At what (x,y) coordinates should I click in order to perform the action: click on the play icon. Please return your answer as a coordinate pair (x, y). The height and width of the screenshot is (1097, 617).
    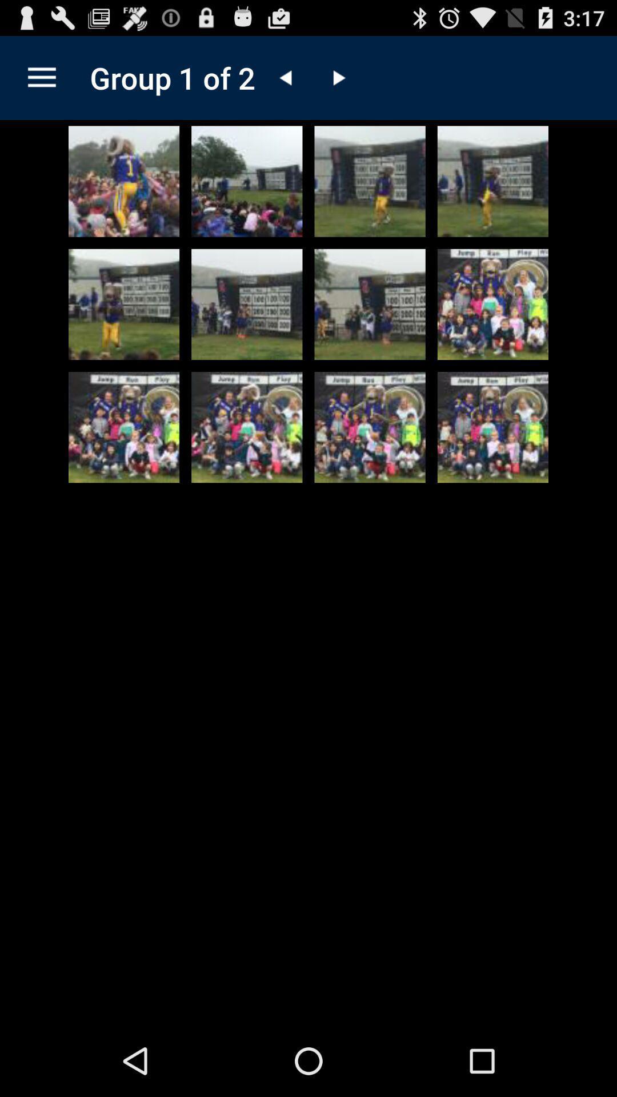
    Looking at the image, I should click on (492, 325).